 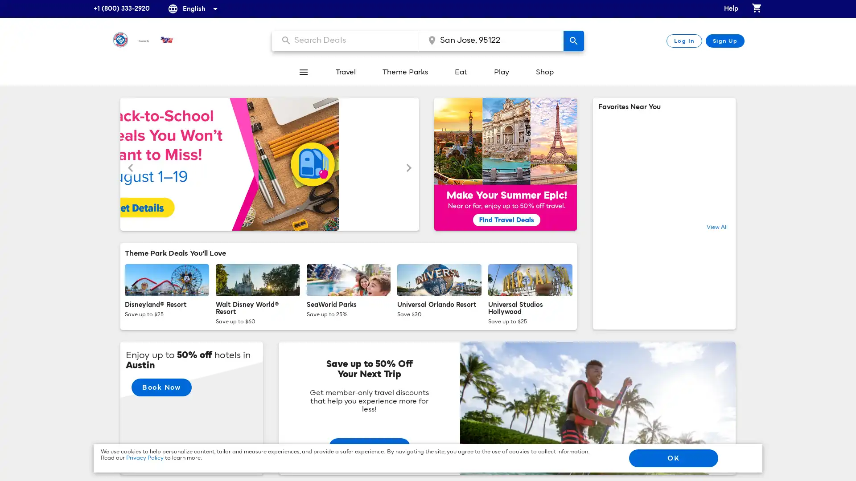 What do you see at coordinates (460, 74) in the screenshot?
I see `Eat` at bounding box center [460, 74].